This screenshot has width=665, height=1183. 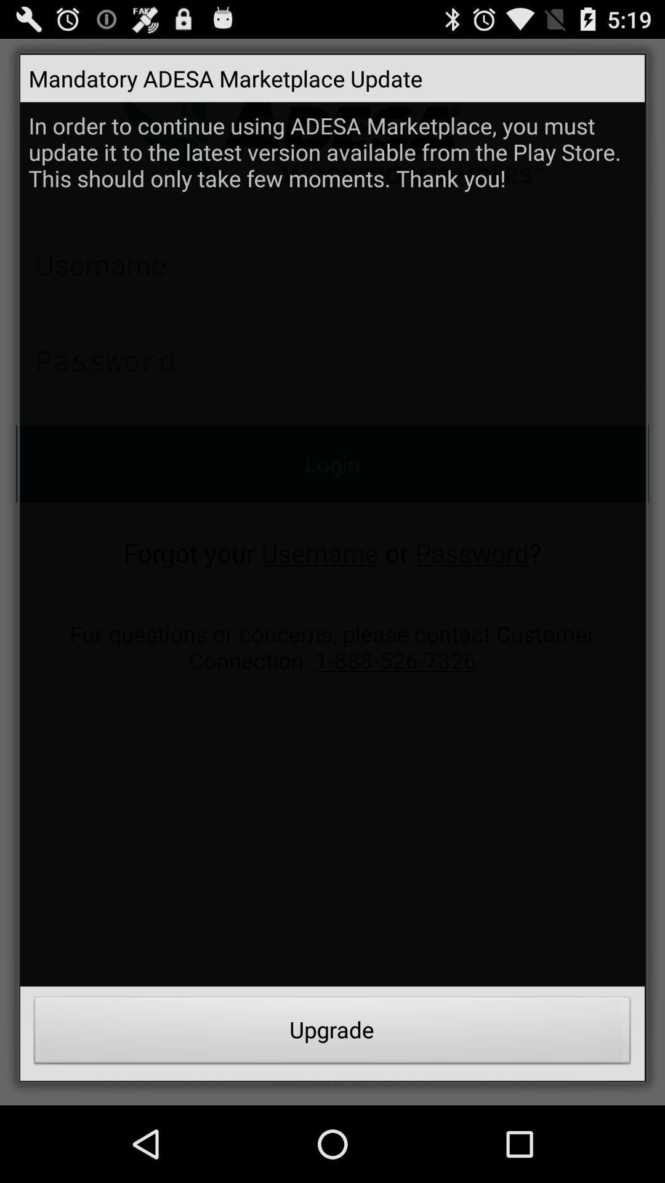 What do you see at coordinates (332, 1033) in the screenshot?
I see `upgrade at the bottom` at bounding box center [332, 1033].